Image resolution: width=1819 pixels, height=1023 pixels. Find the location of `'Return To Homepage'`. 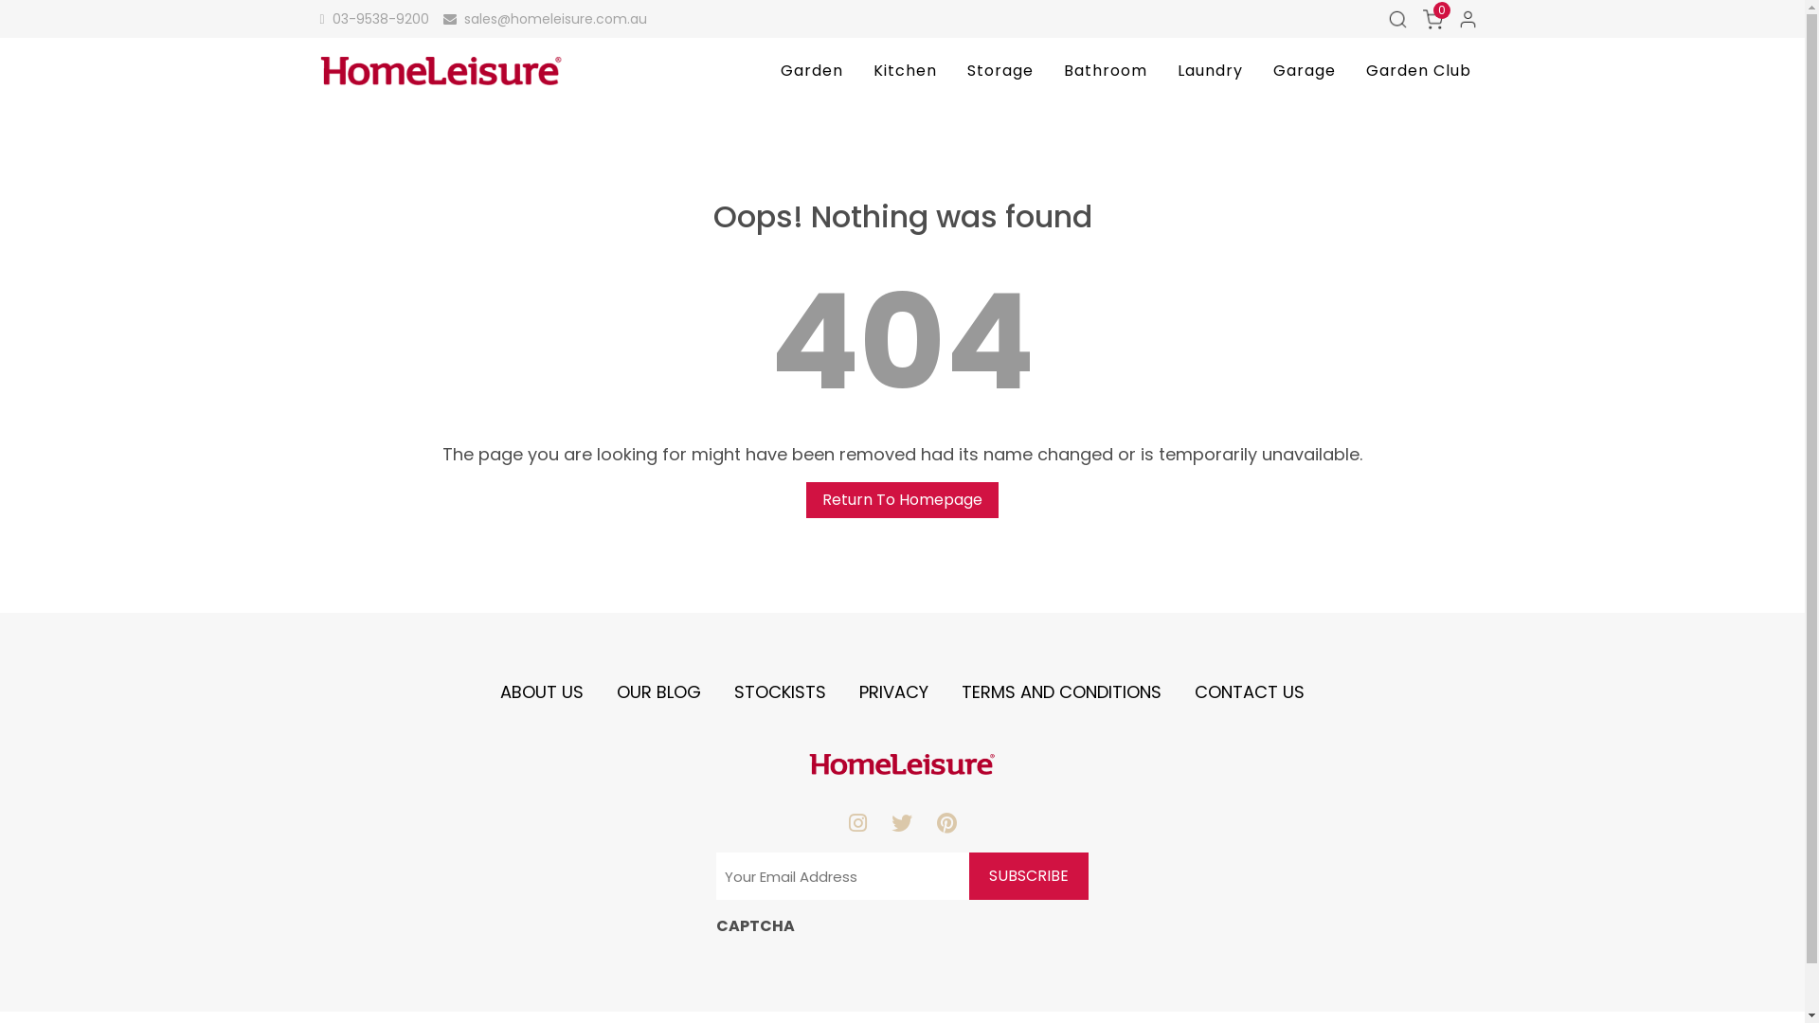

'Return To Homepage' is located at coordinates (901, 499).